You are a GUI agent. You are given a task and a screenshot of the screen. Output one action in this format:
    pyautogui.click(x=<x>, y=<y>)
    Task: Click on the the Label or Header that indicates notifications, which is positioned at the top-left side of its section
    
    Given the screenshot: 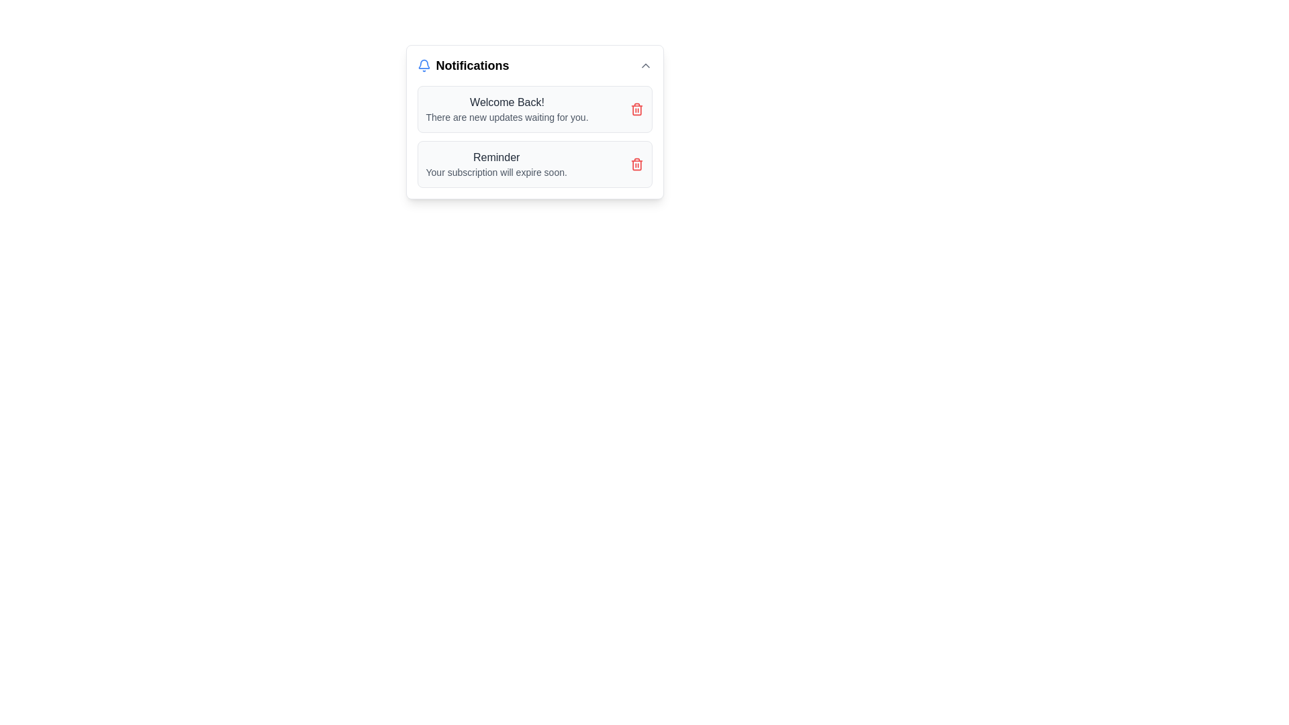 What is the action you would take?
    pyautogui.click(x=463, y=65)
    